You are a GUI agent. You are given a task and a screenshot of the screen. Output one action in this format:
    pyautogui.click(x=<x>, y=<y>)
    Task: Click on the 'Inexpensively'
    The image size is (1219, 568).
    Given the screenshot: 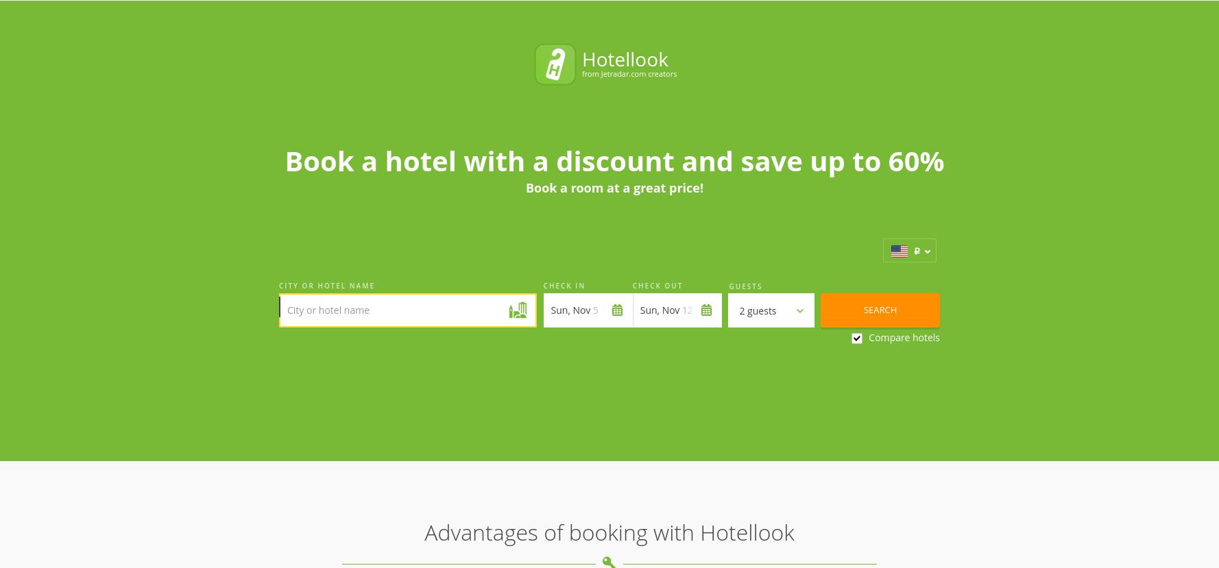 What is the action you would take?
    pyautogui.click(x=661, y=345)
    